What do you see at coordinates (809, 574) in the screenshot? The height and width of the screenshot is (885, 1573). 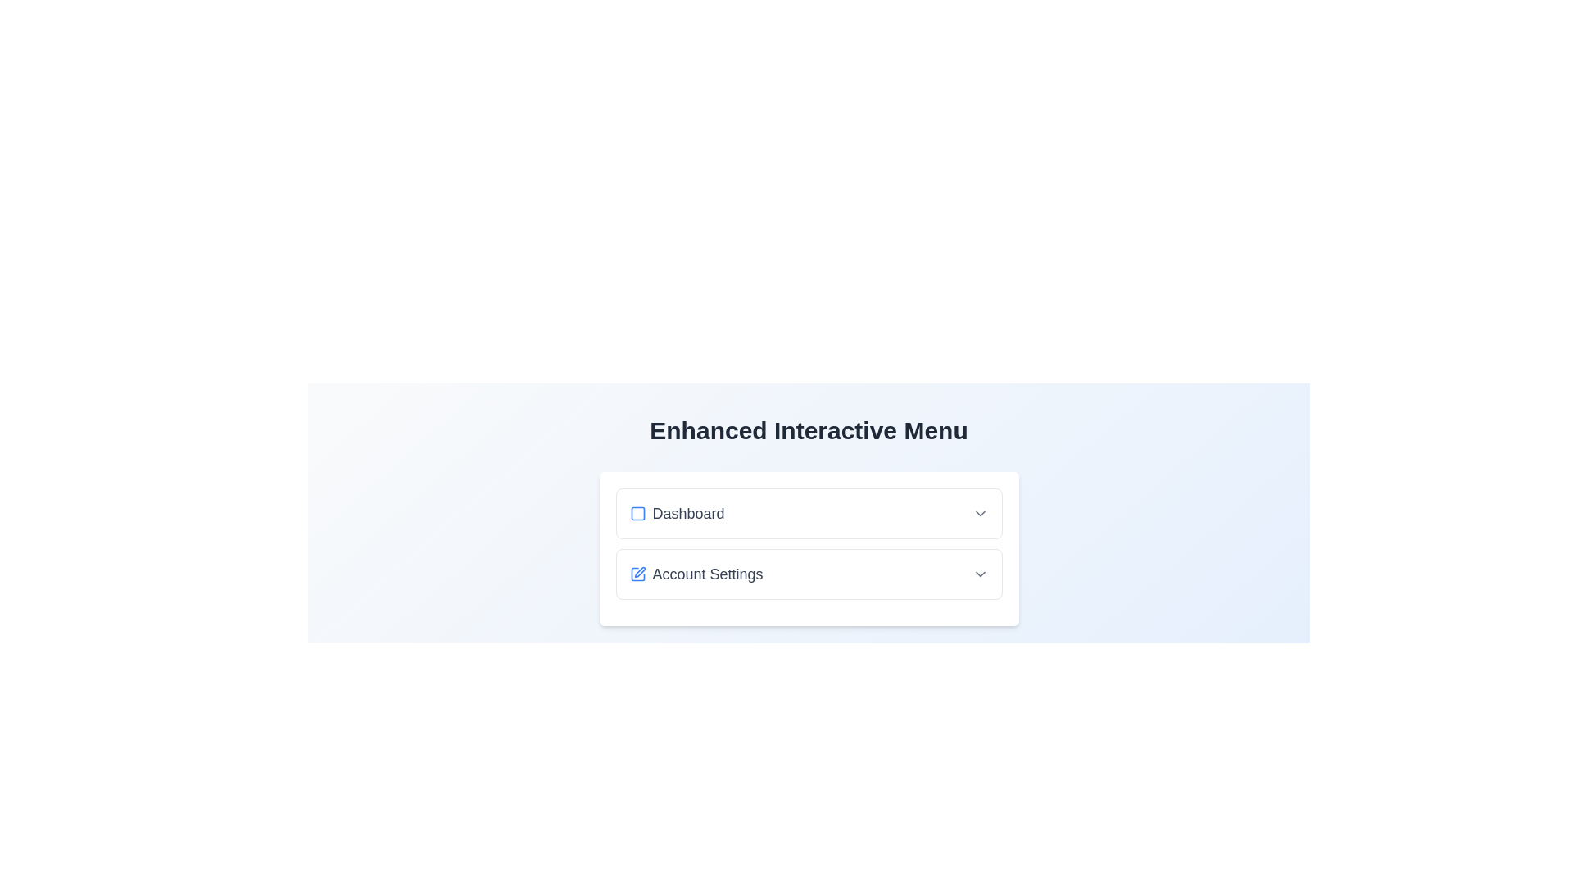 I see `the 'Account Settings' menu option, which is the second item in the vertical menu stack` at bounding box center [809, 574].